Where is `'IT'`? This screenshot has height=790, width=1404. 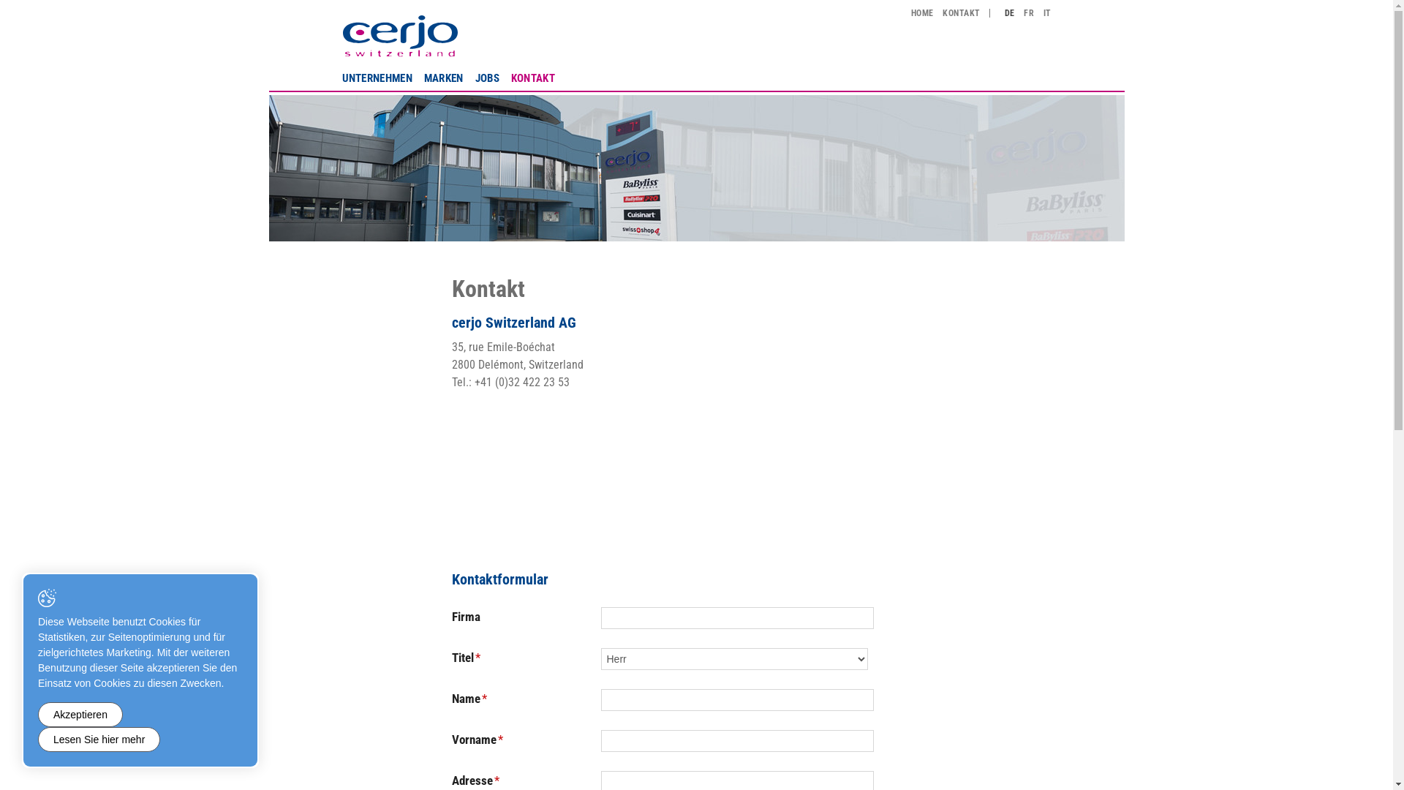
'IT' is located at coordinates (1046, 13).